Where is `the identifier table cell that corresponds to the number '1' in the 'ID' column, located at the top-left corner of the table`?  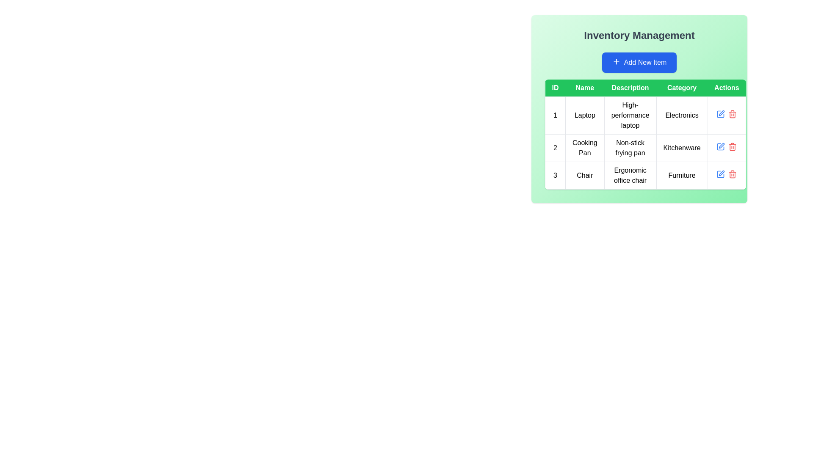 the identifier table cell that corresponds to the number '1' in the 'ID' column, located at the top-left corner of the table is located at coordinates (555, 116).